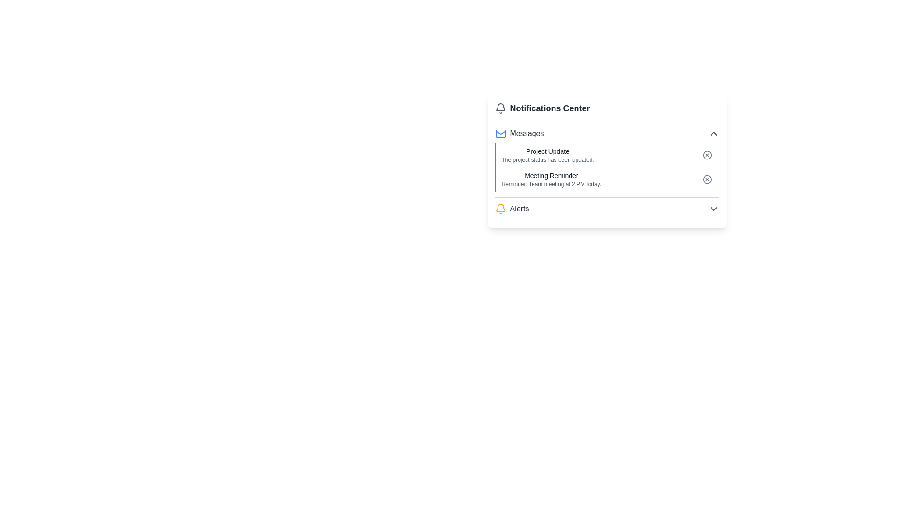 The width and height of the screenshot is (897, 505). I want to click on the notifications icon located to the left of the 'Notifications Center' title in the header section, so click(500, 108).